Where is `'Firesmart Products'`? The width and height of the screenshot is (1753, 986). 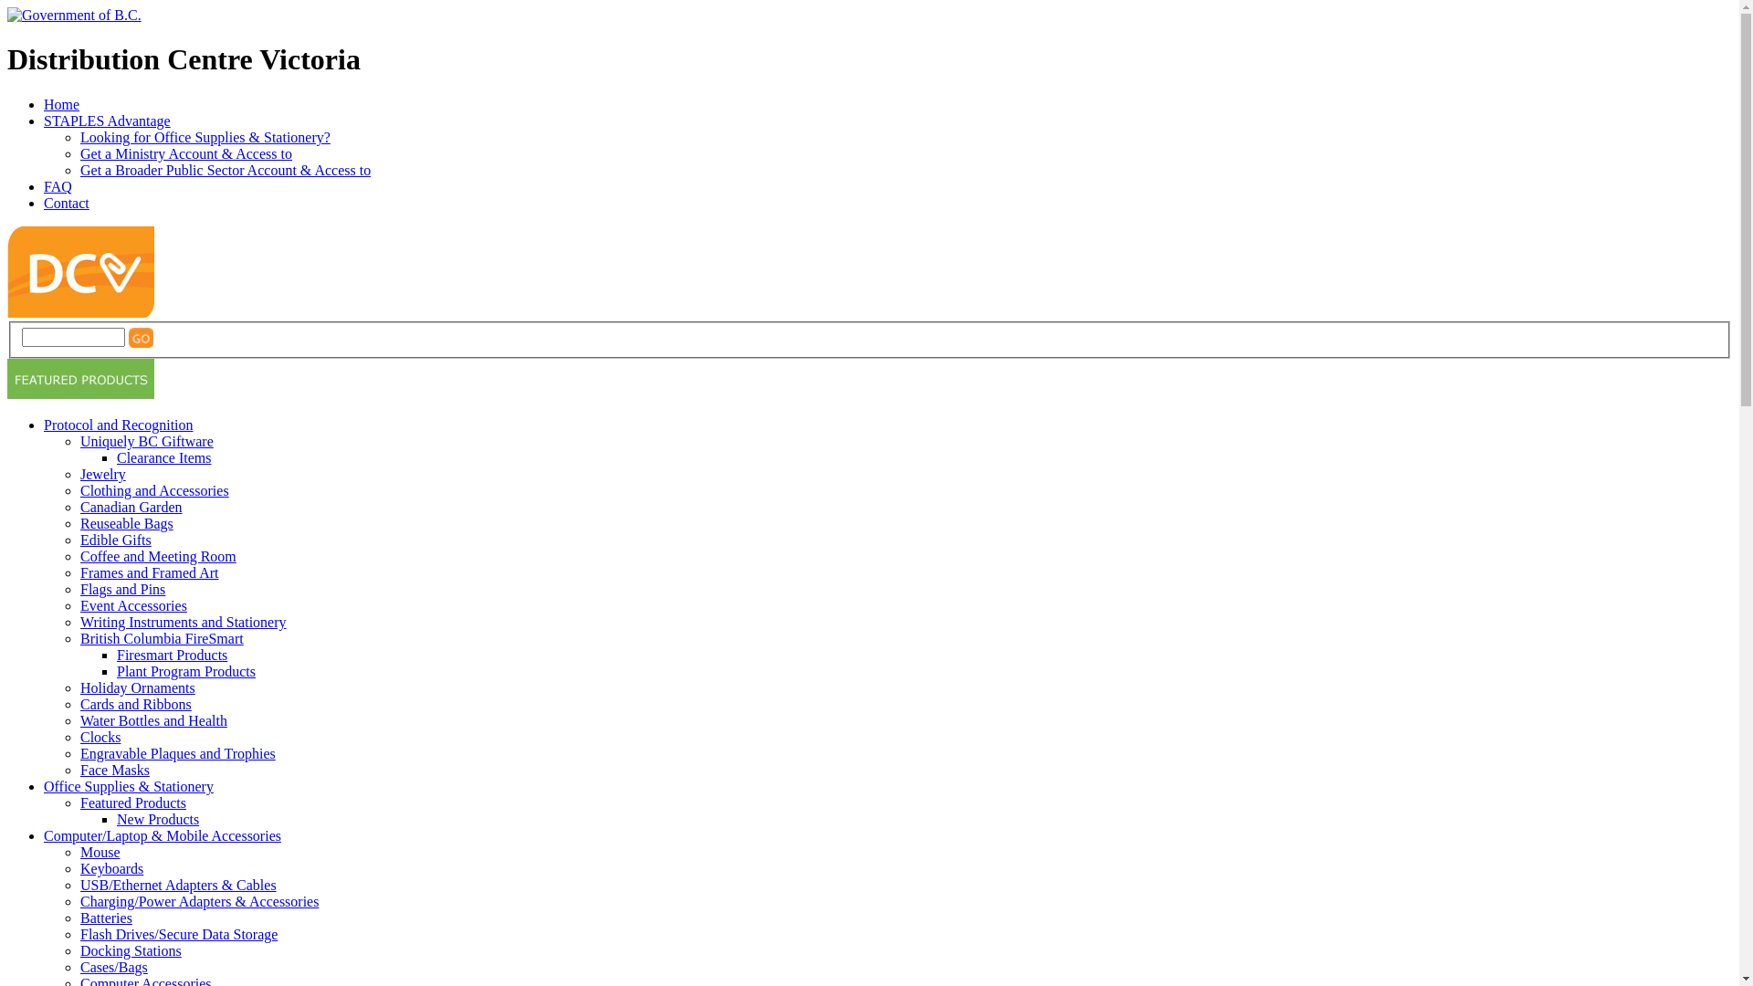 'Firesmart Products' is located at coordinates (116, 654).